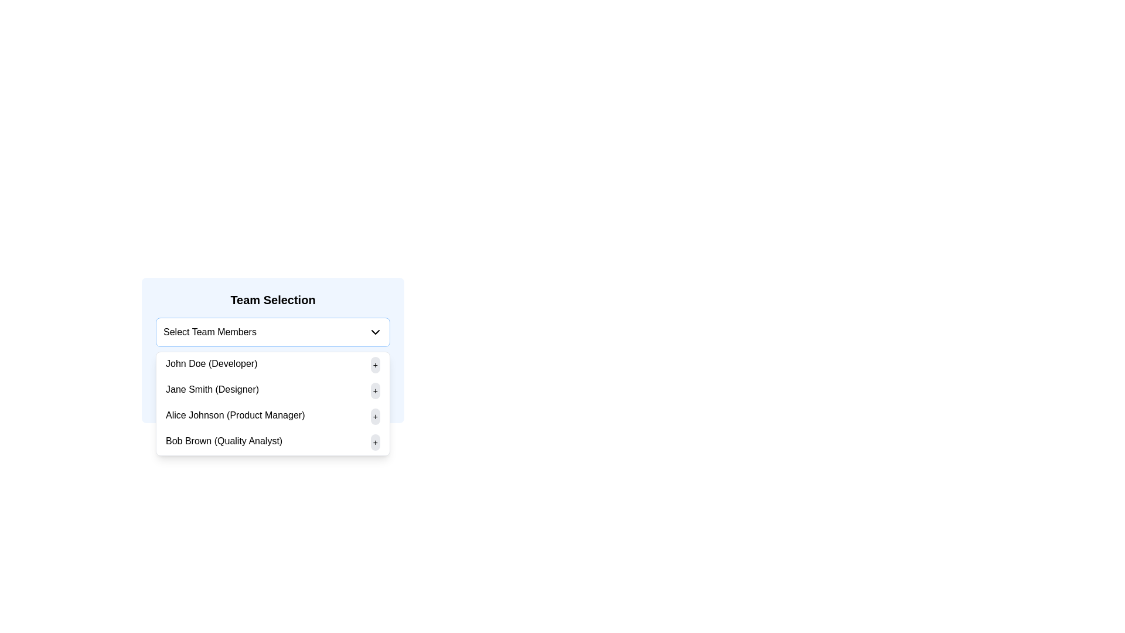  What do you see at coordinates (375, 391) in the screenshot?
I see `the small, circular button with a light-gray background and a centered '+' symbol, positioned to the right of 'Jane Smith (Designer)', to trigger tooltip or visual feedback` at bounding box center [375, 391].